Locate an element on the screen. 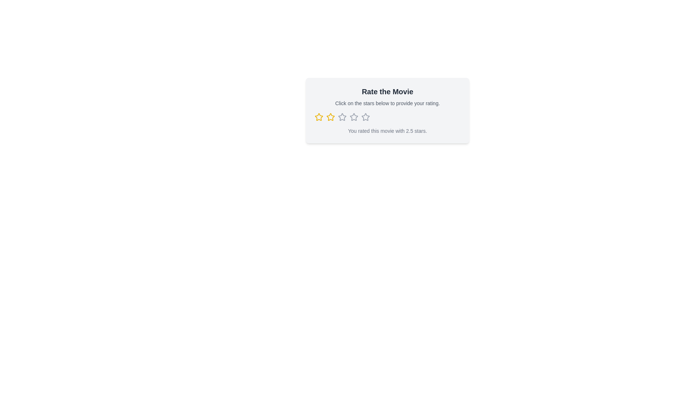  the third star icon in the rating system is located at coordinates (341, 116).